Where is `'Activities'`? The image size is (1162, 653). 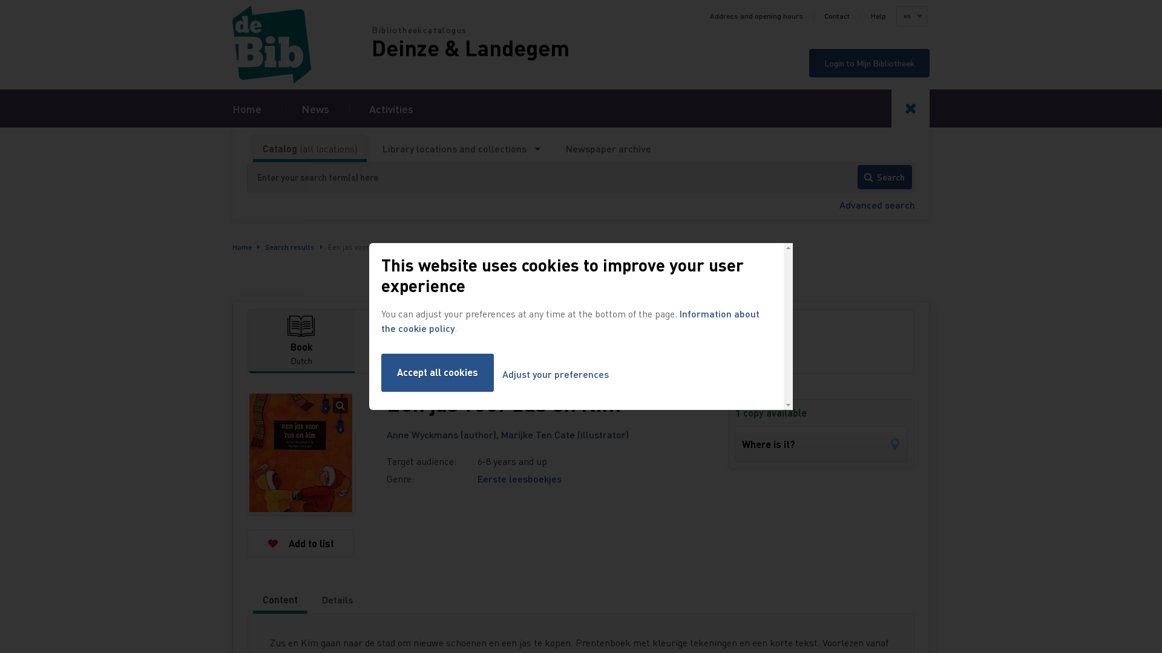
'Activities' is located at coordinates (391, 108).